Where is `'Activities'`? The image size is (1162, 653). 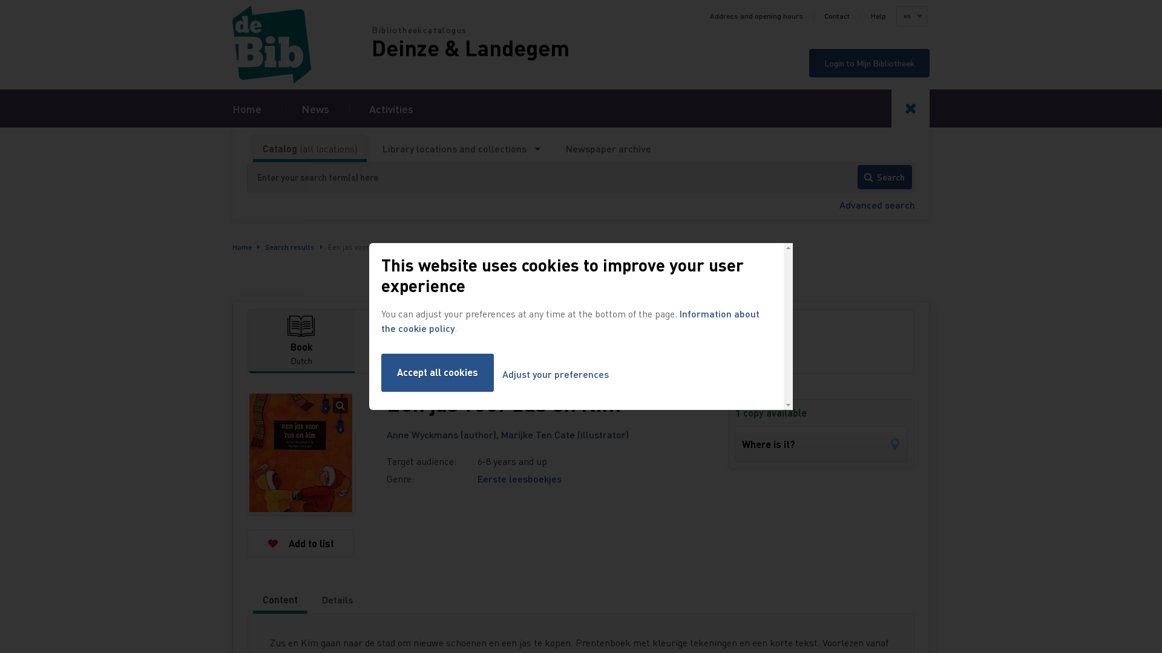
'Activities' is located at coordinates (391, 108).